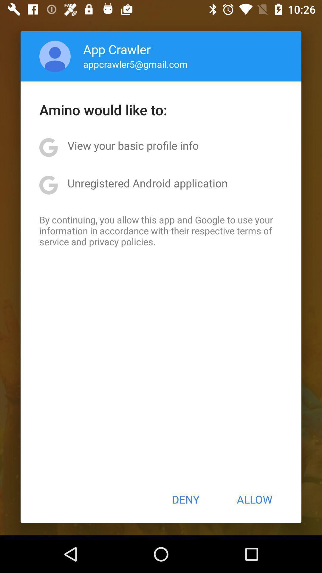  What do you see at coordinates (117, 49) in the screenshot?
I see `the app crawler icon` at bounding box center [117, 49].